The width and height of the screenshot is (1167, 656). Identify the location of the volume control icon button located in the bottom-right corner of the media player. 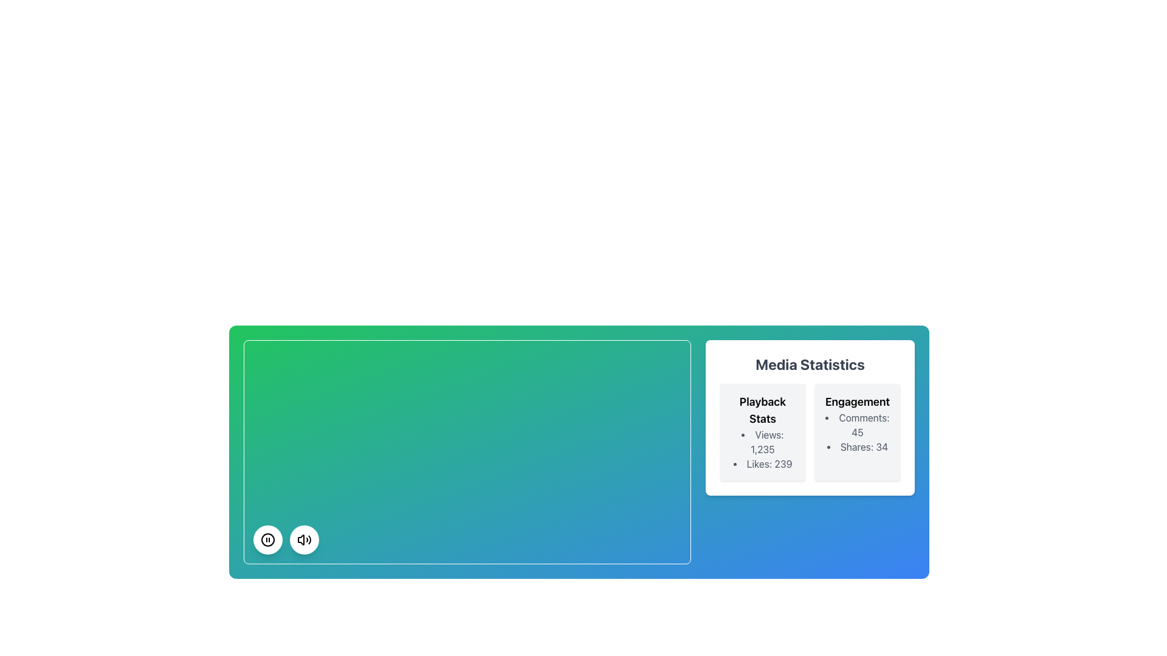
(304, 539).